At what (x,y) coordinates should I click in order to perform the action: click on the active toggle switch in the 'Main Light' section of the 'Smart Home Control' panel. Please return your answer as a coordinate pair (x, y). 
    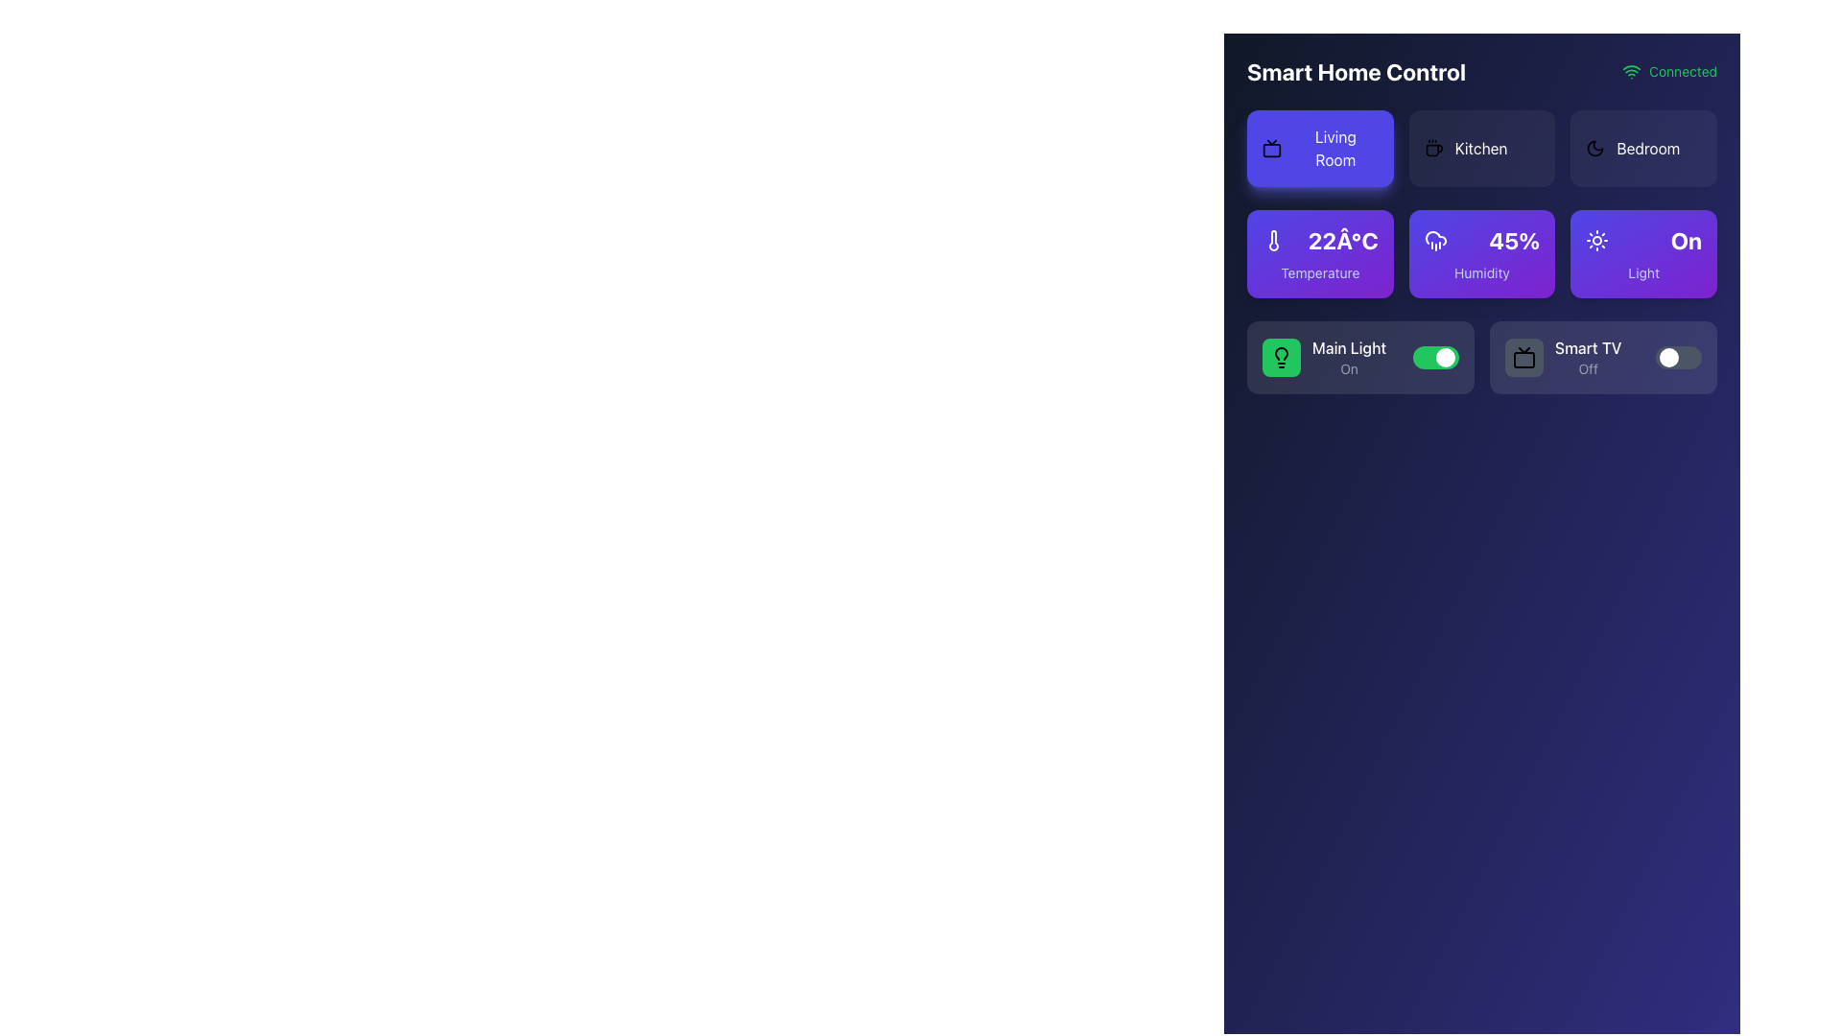
    Looking at the image, I should click on (1436, 358).